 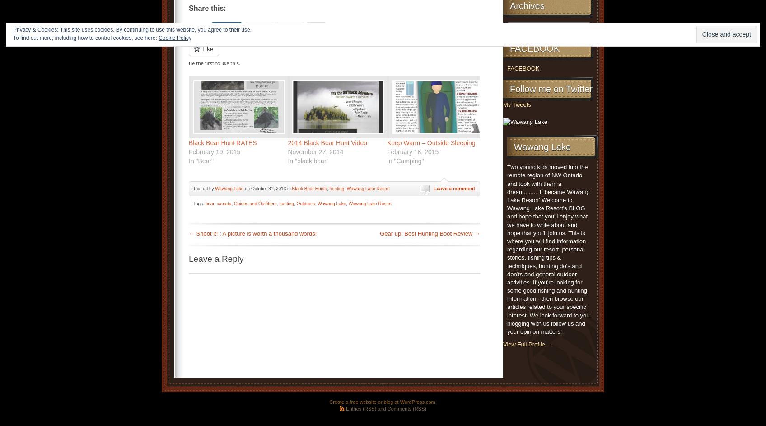 What do you see at coordinates (517, 104) in the screenshot?
I see `'My Tweets'` at bounding box center [517, 104].